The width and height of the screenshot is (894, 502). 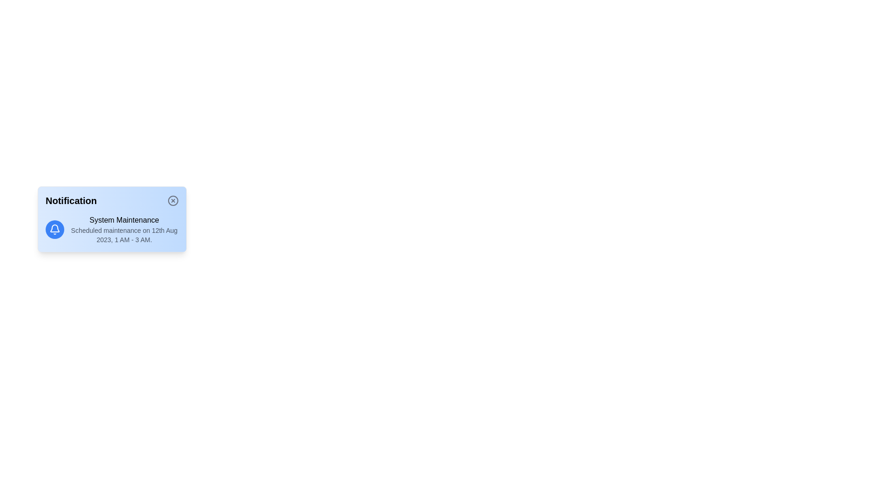 What do you see at coordinates (173, 200) in the screenshot?
I see `the circular close button icon located in the top-right corner of the notification card` at bounding box center [173, 200].